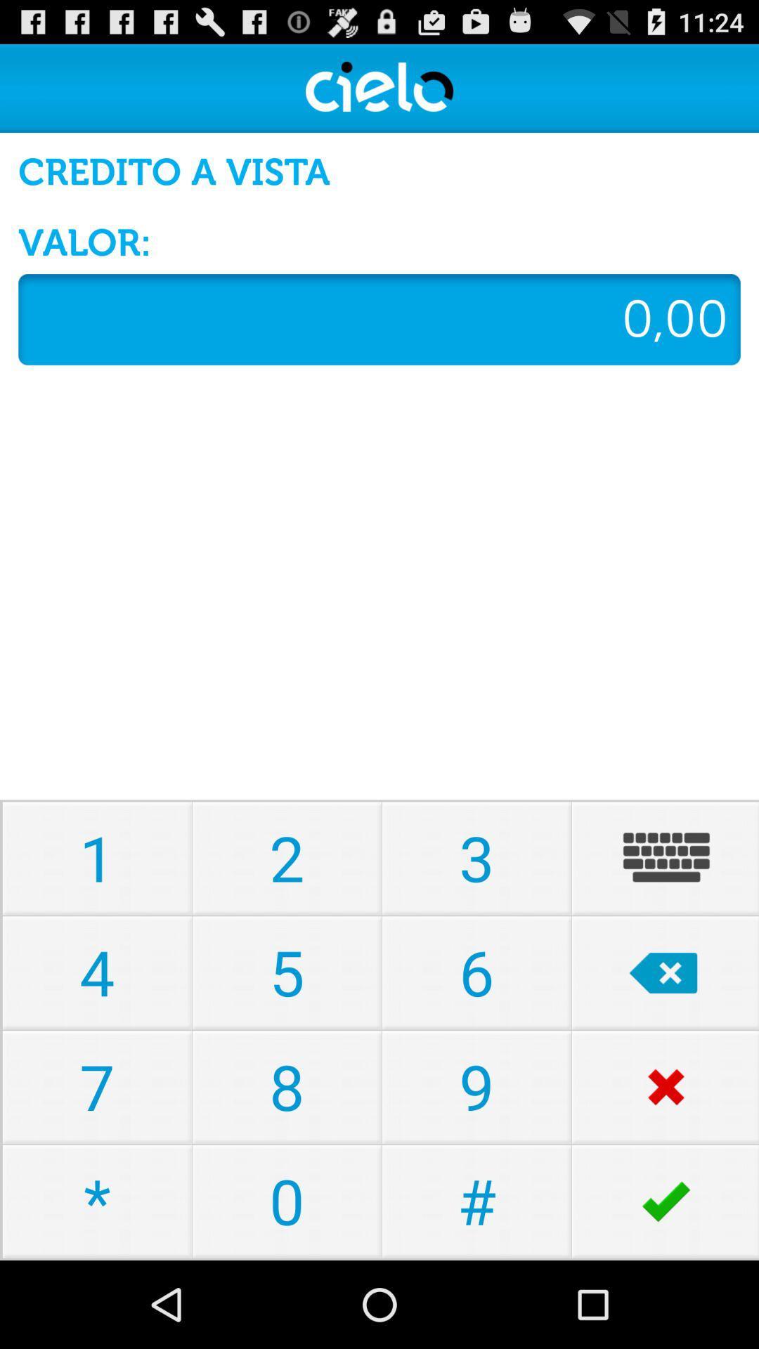 The image size is (759, 1349). I want to click on the amount, so click(379, 318).